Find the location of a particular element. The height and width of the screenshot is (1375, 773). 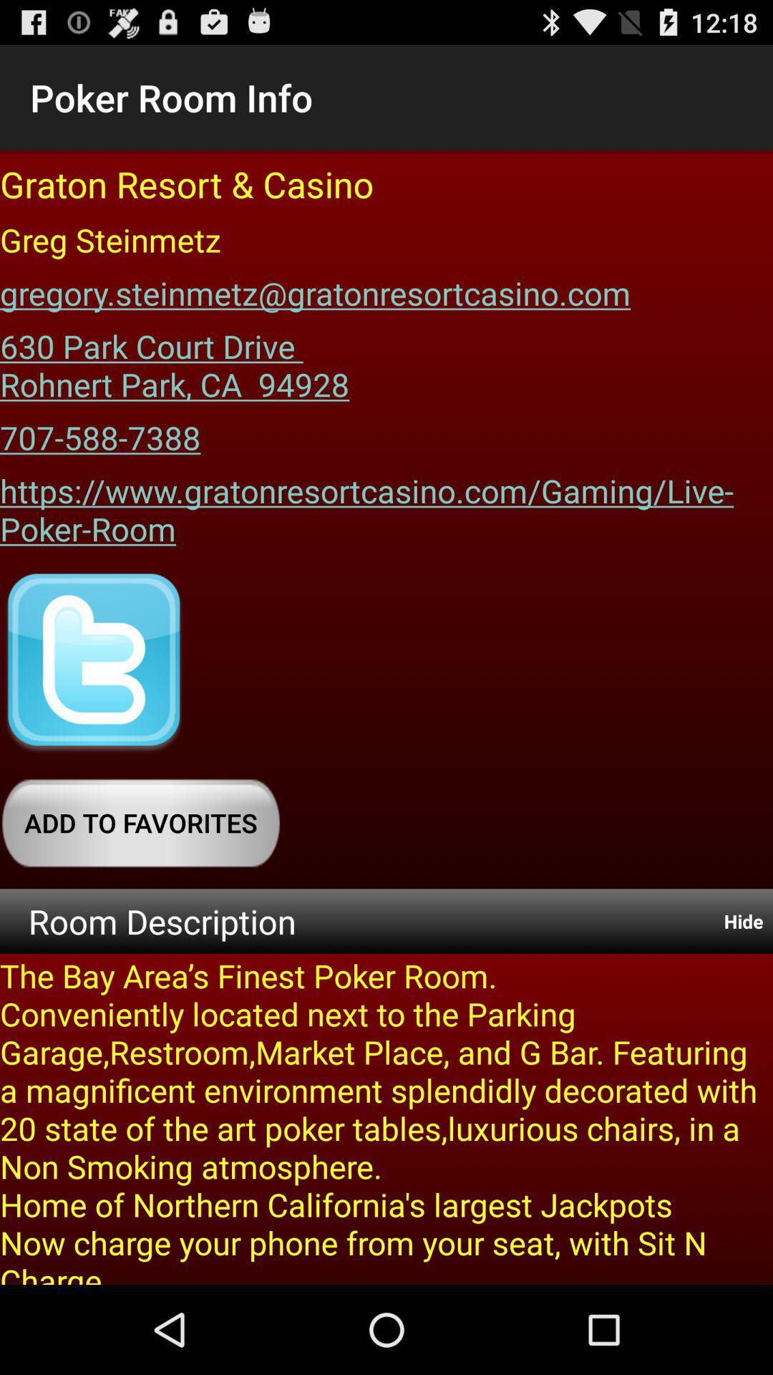

tweet link is located at coordinates (94, 662).